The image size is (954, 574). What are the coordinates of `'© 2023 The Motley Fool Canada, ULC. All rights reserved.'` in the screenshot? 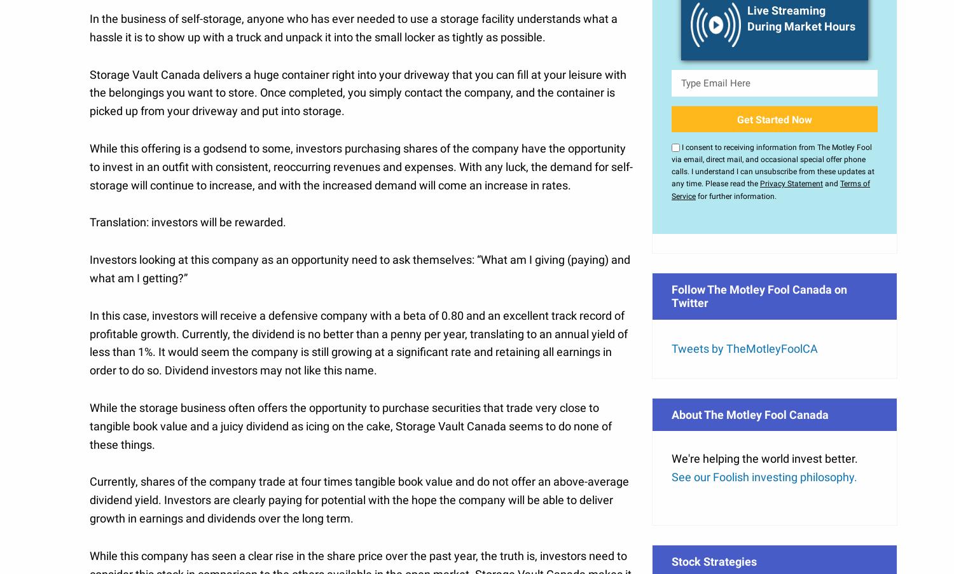 It's located at (477, 460).